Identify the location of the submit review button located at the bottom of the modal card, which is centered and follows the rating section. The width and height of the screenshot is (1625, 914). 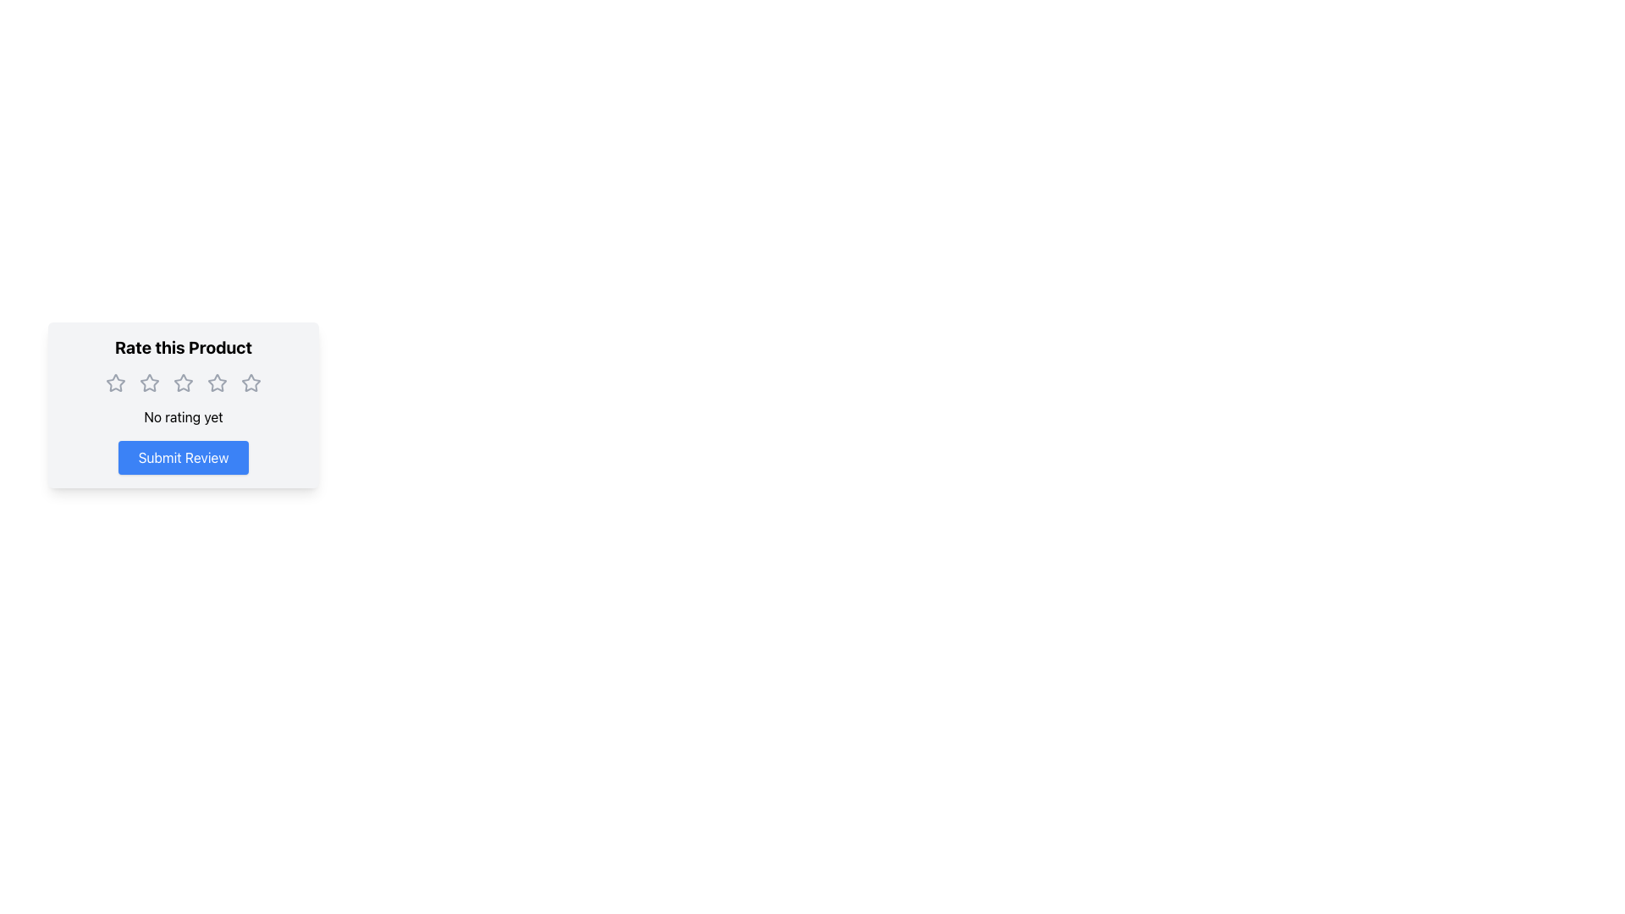
(183, 457).